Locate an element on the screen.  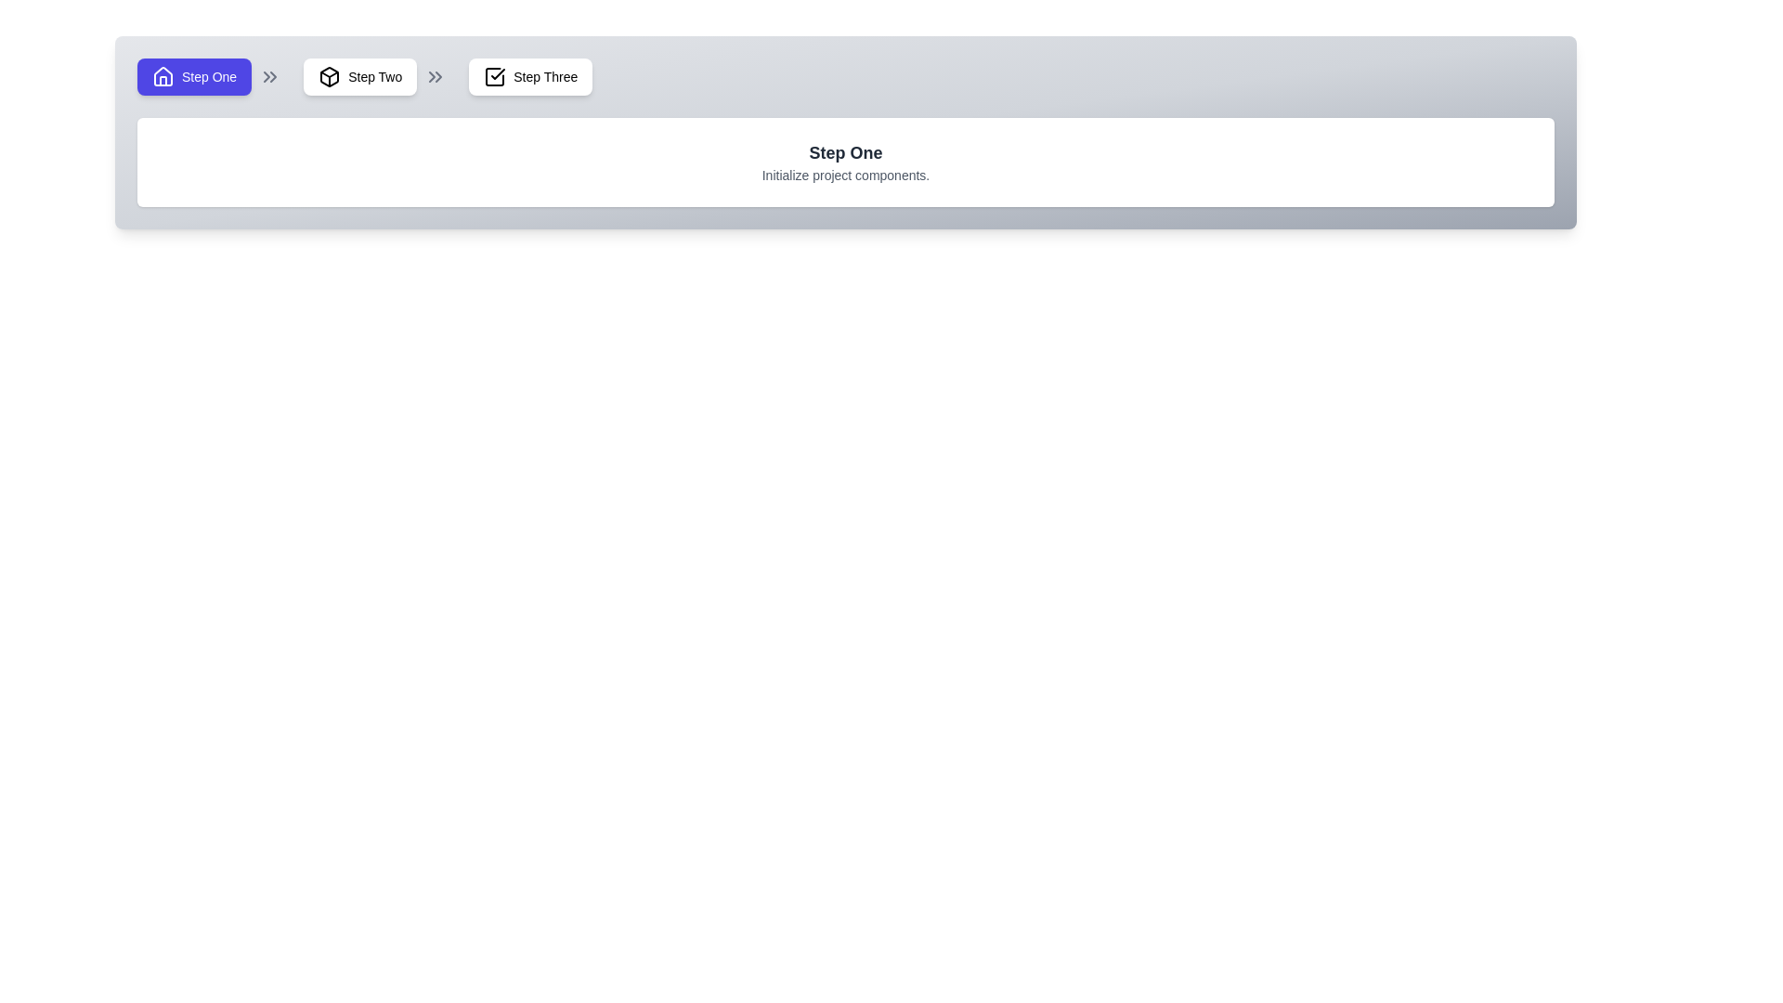
the square-shaped checkmark icon located within the 'Step Three' button, positioned before the label 'Step Three' in the step-by-step navigation bar is located at coordinates (495, 76).